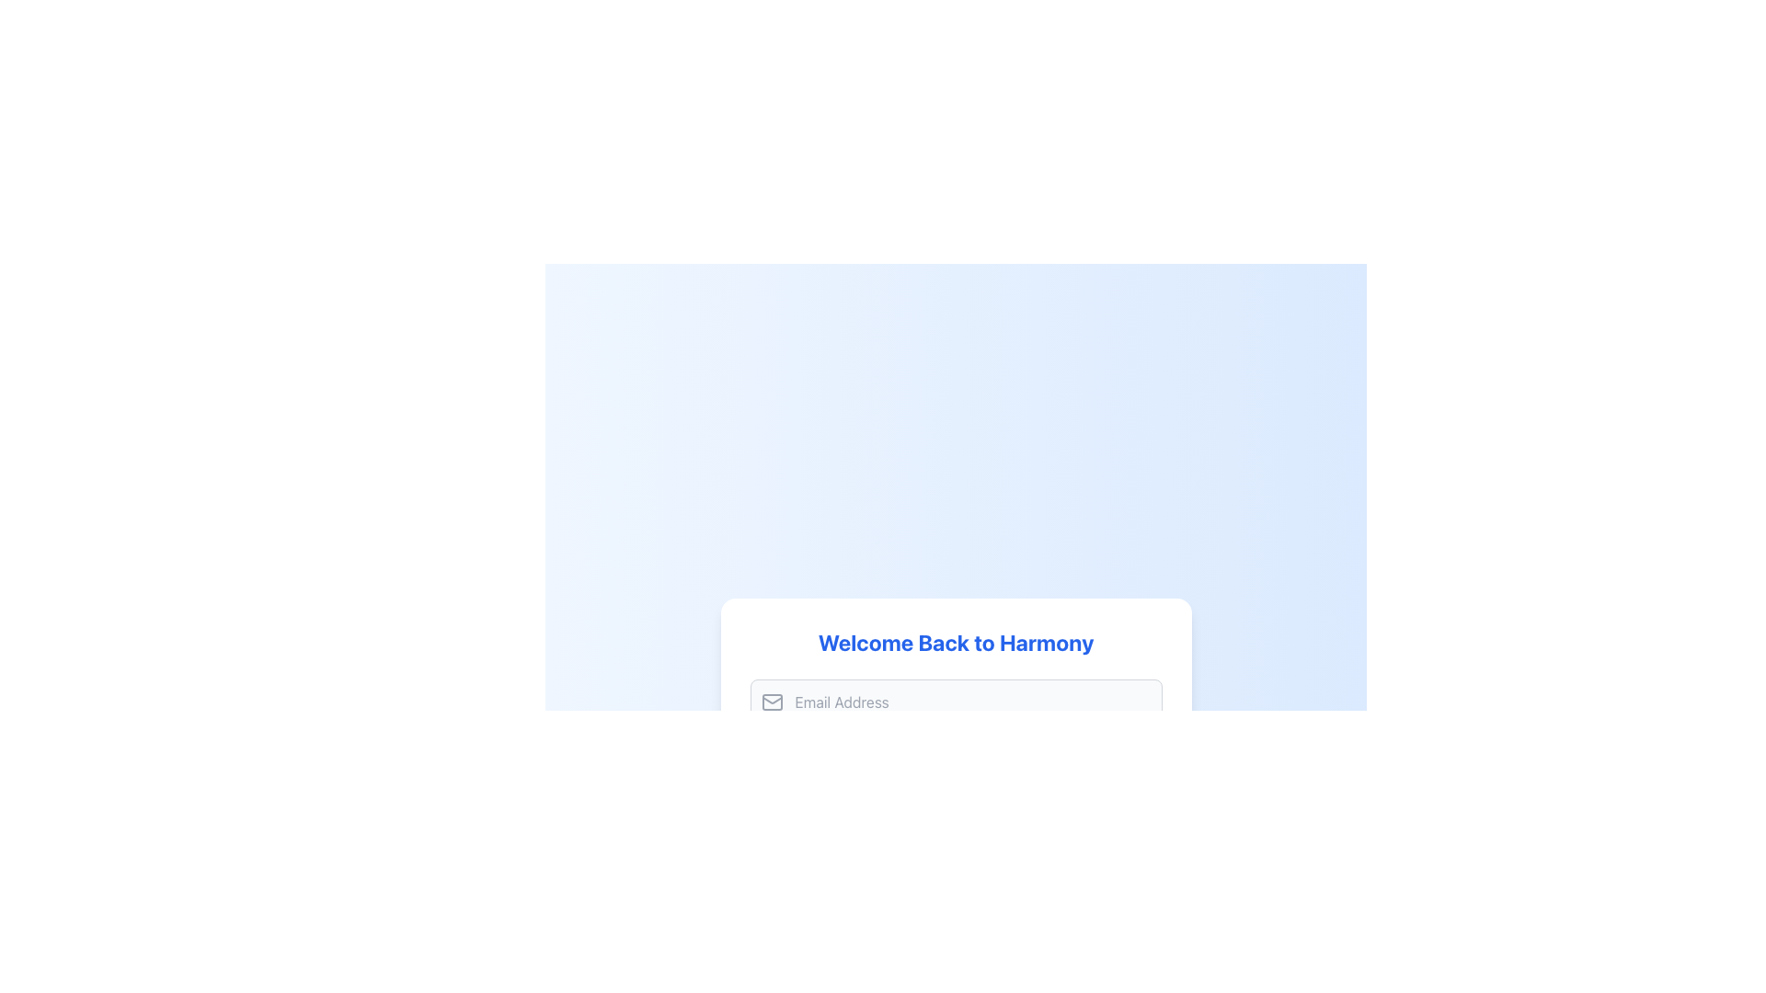 This screenshot has width=1766, height=993. I want to click on the email address icon, which is positioned to the left of the placeholder text 'Email Address' within the input field, so click(772, 702).